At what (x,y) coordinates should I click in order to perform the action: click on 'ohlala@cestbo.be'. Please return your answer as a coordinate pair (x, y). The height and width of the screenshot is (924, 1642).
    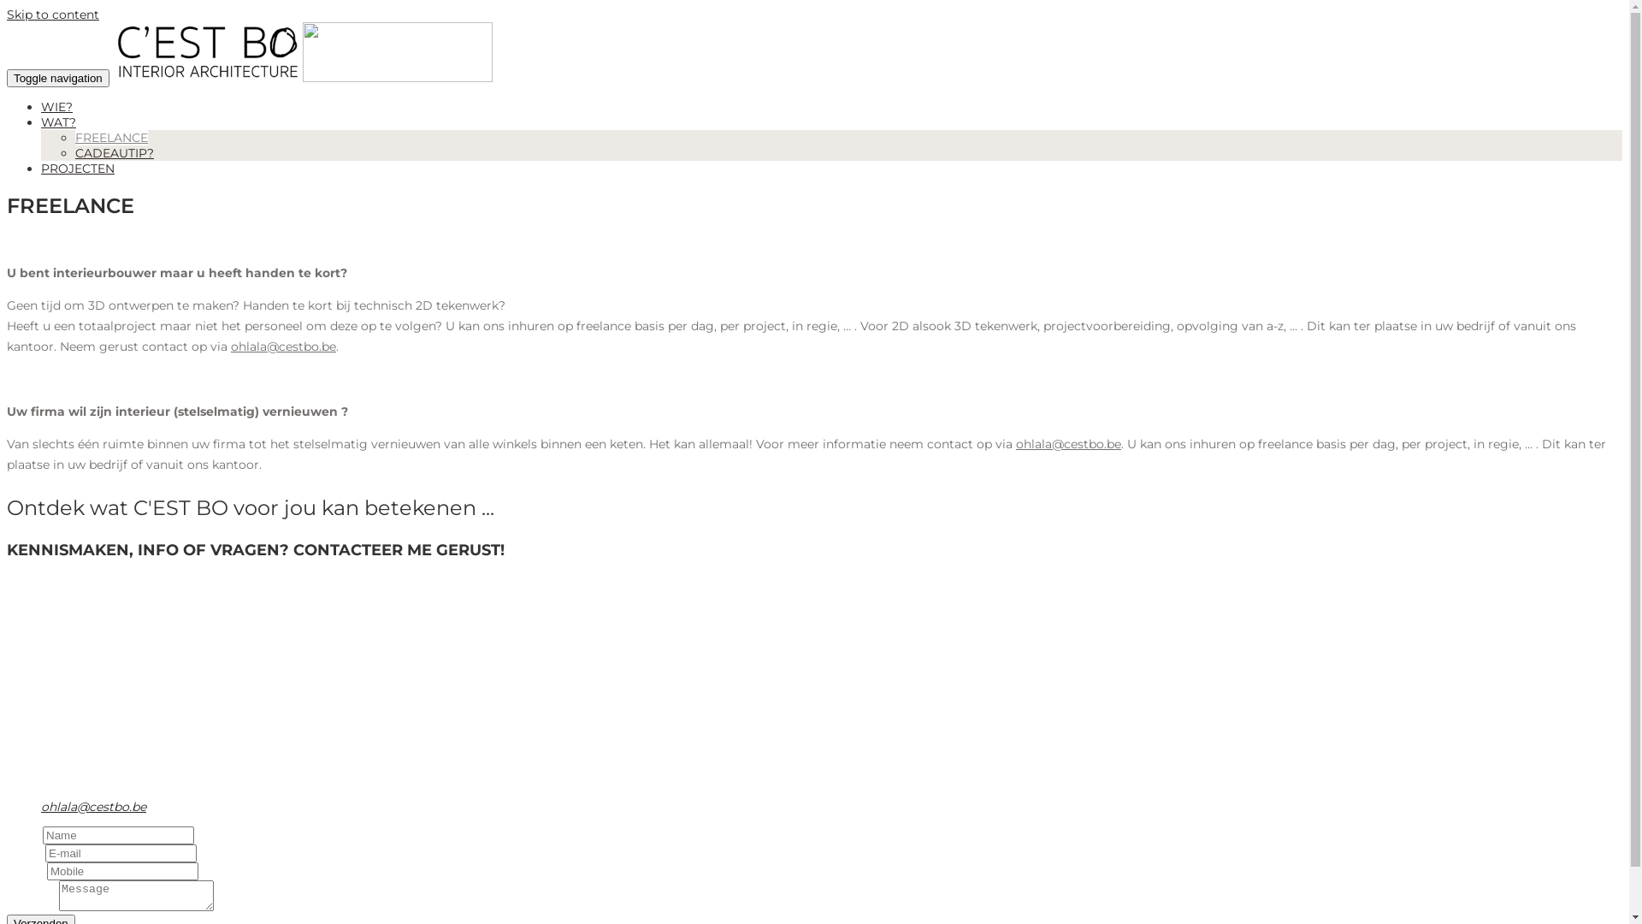
    Looking at the image, I should click on (283, 346).